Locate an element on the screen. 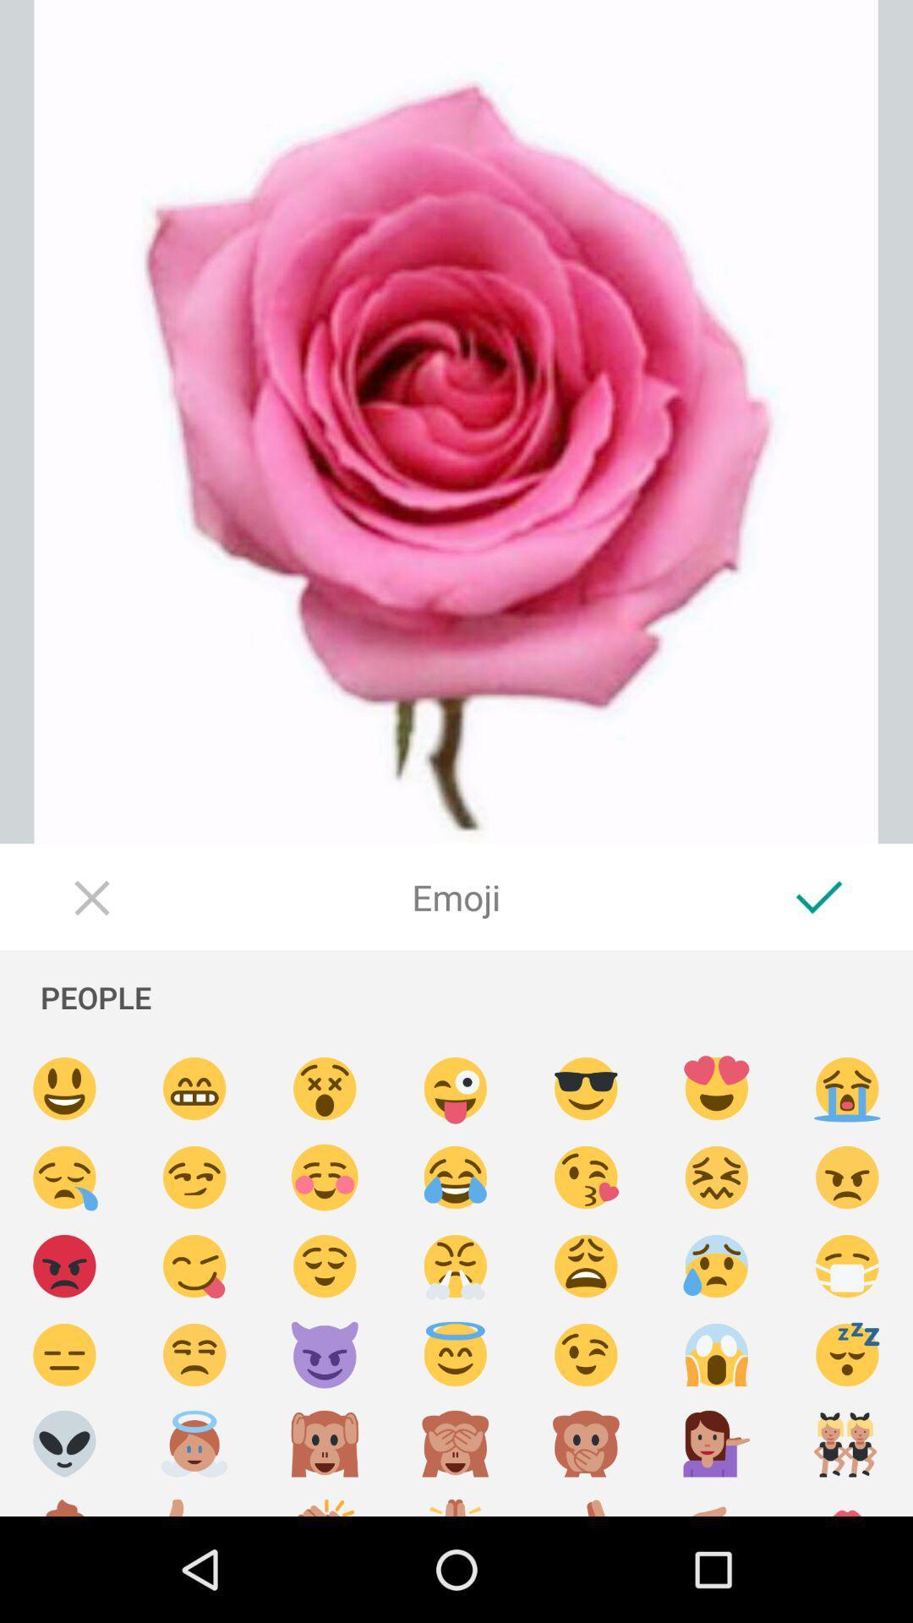 The width and height of the screenshot is (913, 1623). choose emoticon is located at coordinates (325, 1355).